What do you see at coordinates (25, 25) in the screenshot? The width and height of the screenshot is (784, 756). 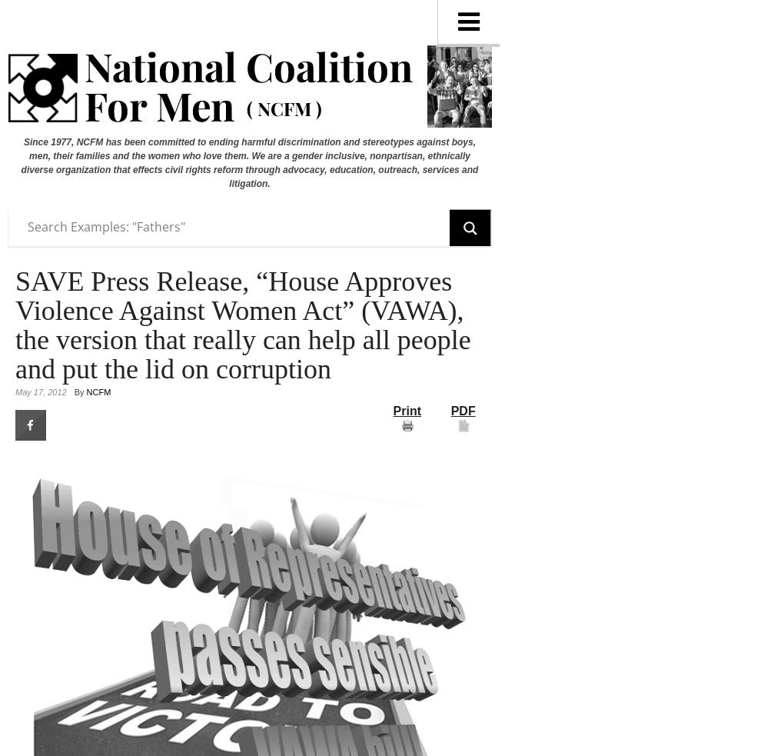 I see `'Log In'` at bounding box center [25, 25].